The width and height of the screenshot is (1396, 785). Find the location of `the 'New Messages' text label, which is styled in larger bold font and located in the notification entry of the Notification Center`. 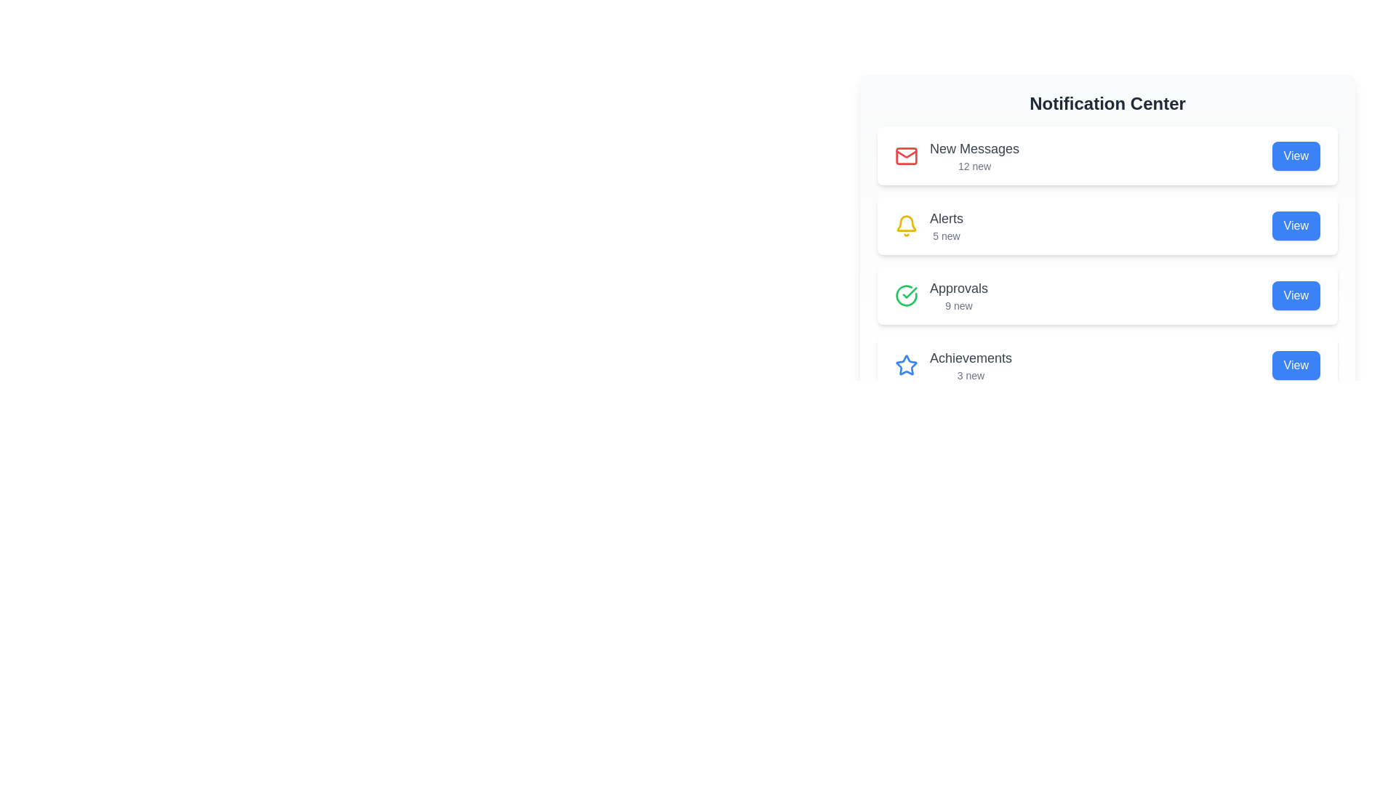

the 'New Messages' text label, which is styled in larger bold font and located in the notification entry of the Notification Center is located at coordinates (974, 148).